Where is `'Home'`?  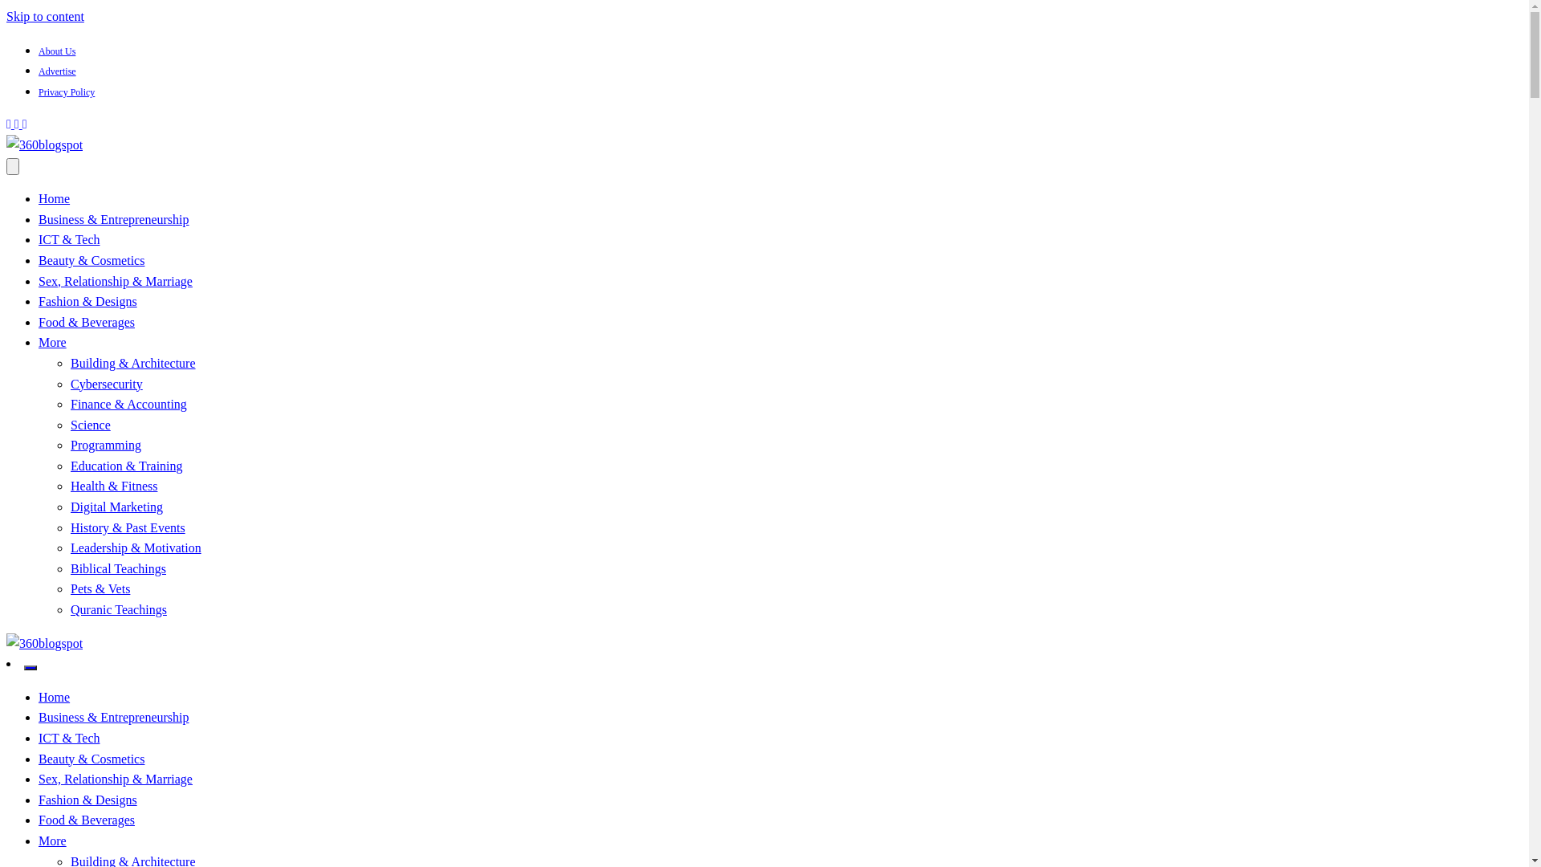
'Home' is located at coordinates (54, 197).